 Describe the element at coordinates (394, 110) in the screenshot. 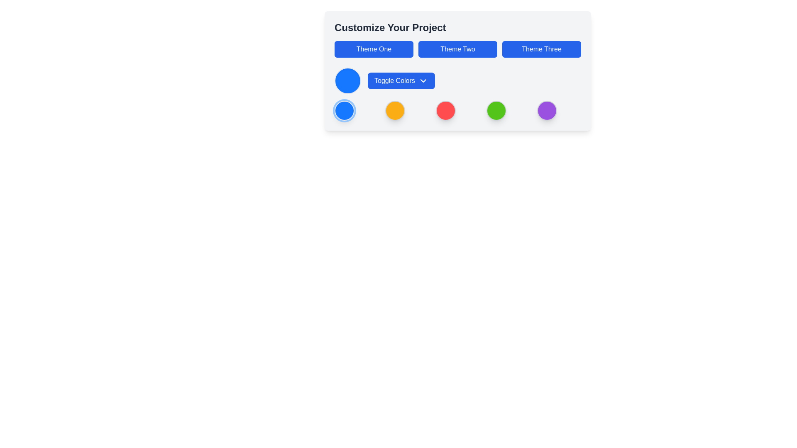

I see `the second circular orange button` at that location.